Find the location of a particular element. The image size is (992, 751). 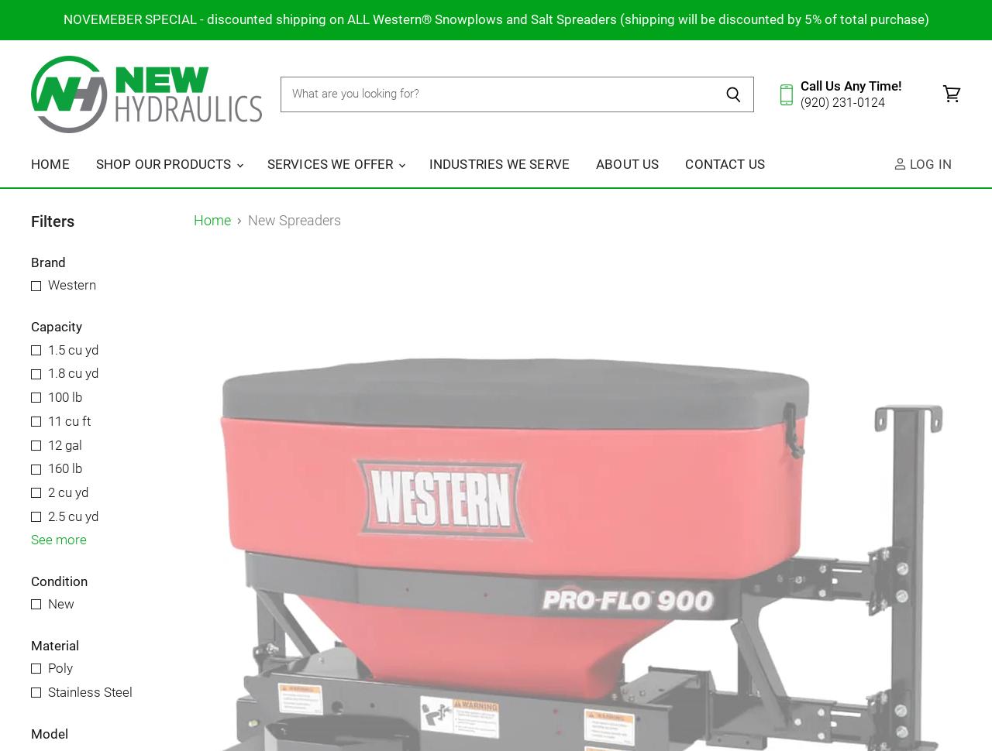

'Capacity' is located at coordinates (56, 327).